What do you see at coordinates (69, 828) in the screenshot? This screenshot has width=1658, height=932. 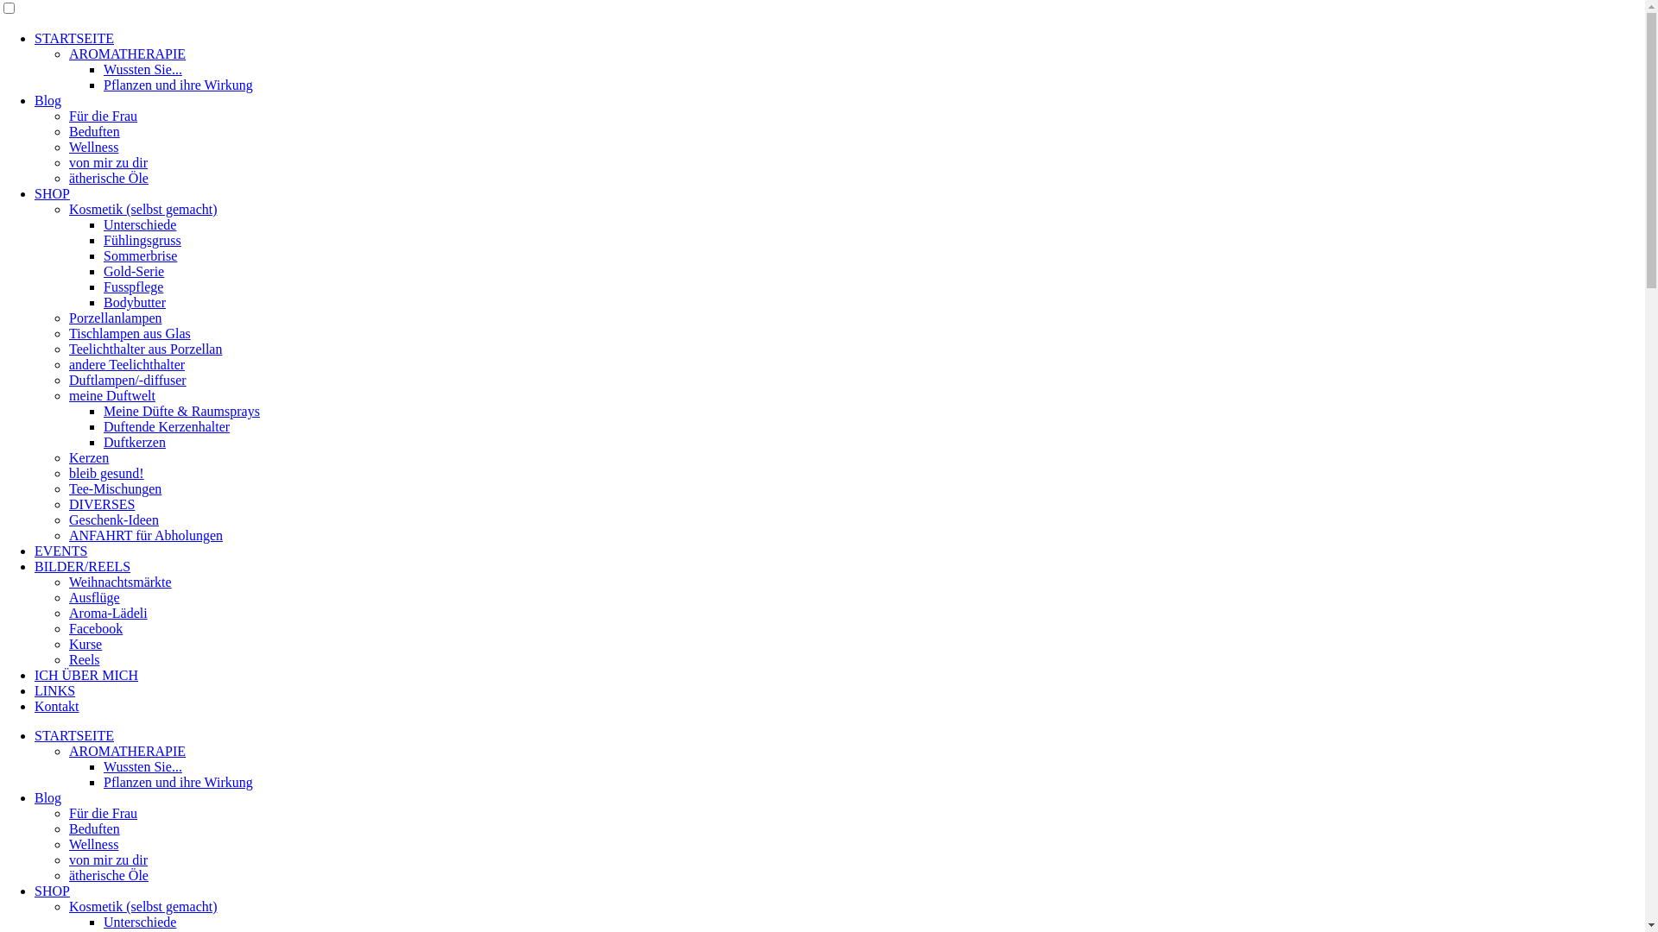 I see `'Beduften'` at bounding box center [69, 828].